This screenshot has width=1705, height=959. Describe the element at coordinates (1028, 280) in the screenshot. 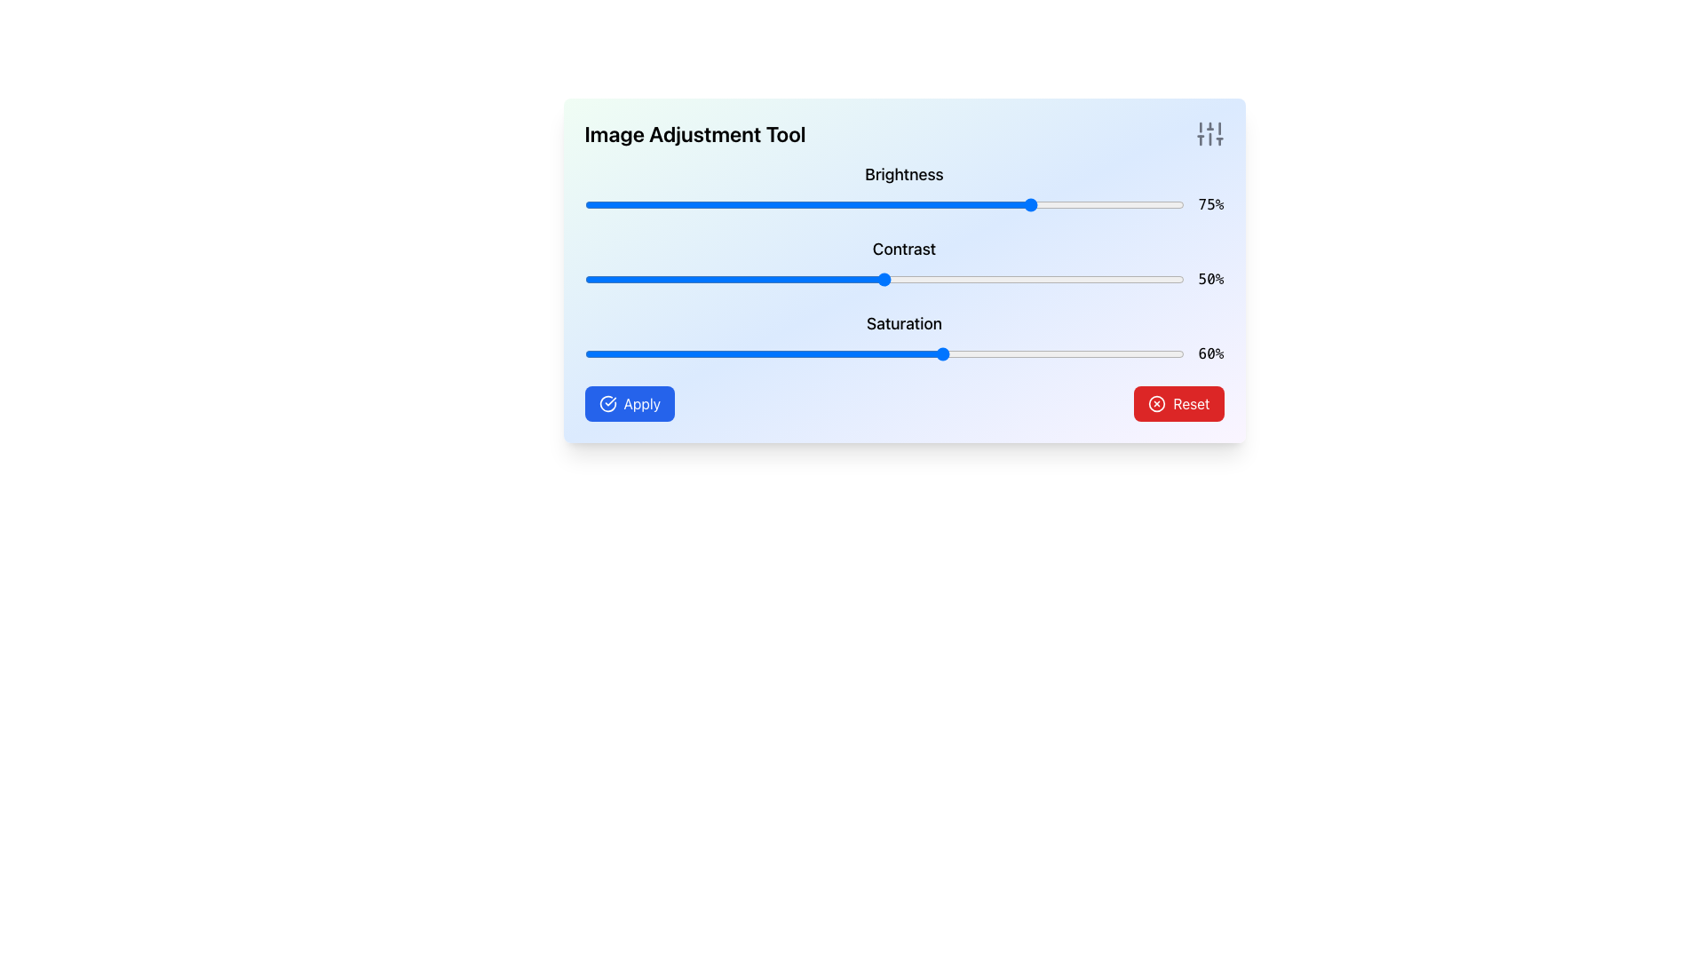

I see `the contrast value` at that location.